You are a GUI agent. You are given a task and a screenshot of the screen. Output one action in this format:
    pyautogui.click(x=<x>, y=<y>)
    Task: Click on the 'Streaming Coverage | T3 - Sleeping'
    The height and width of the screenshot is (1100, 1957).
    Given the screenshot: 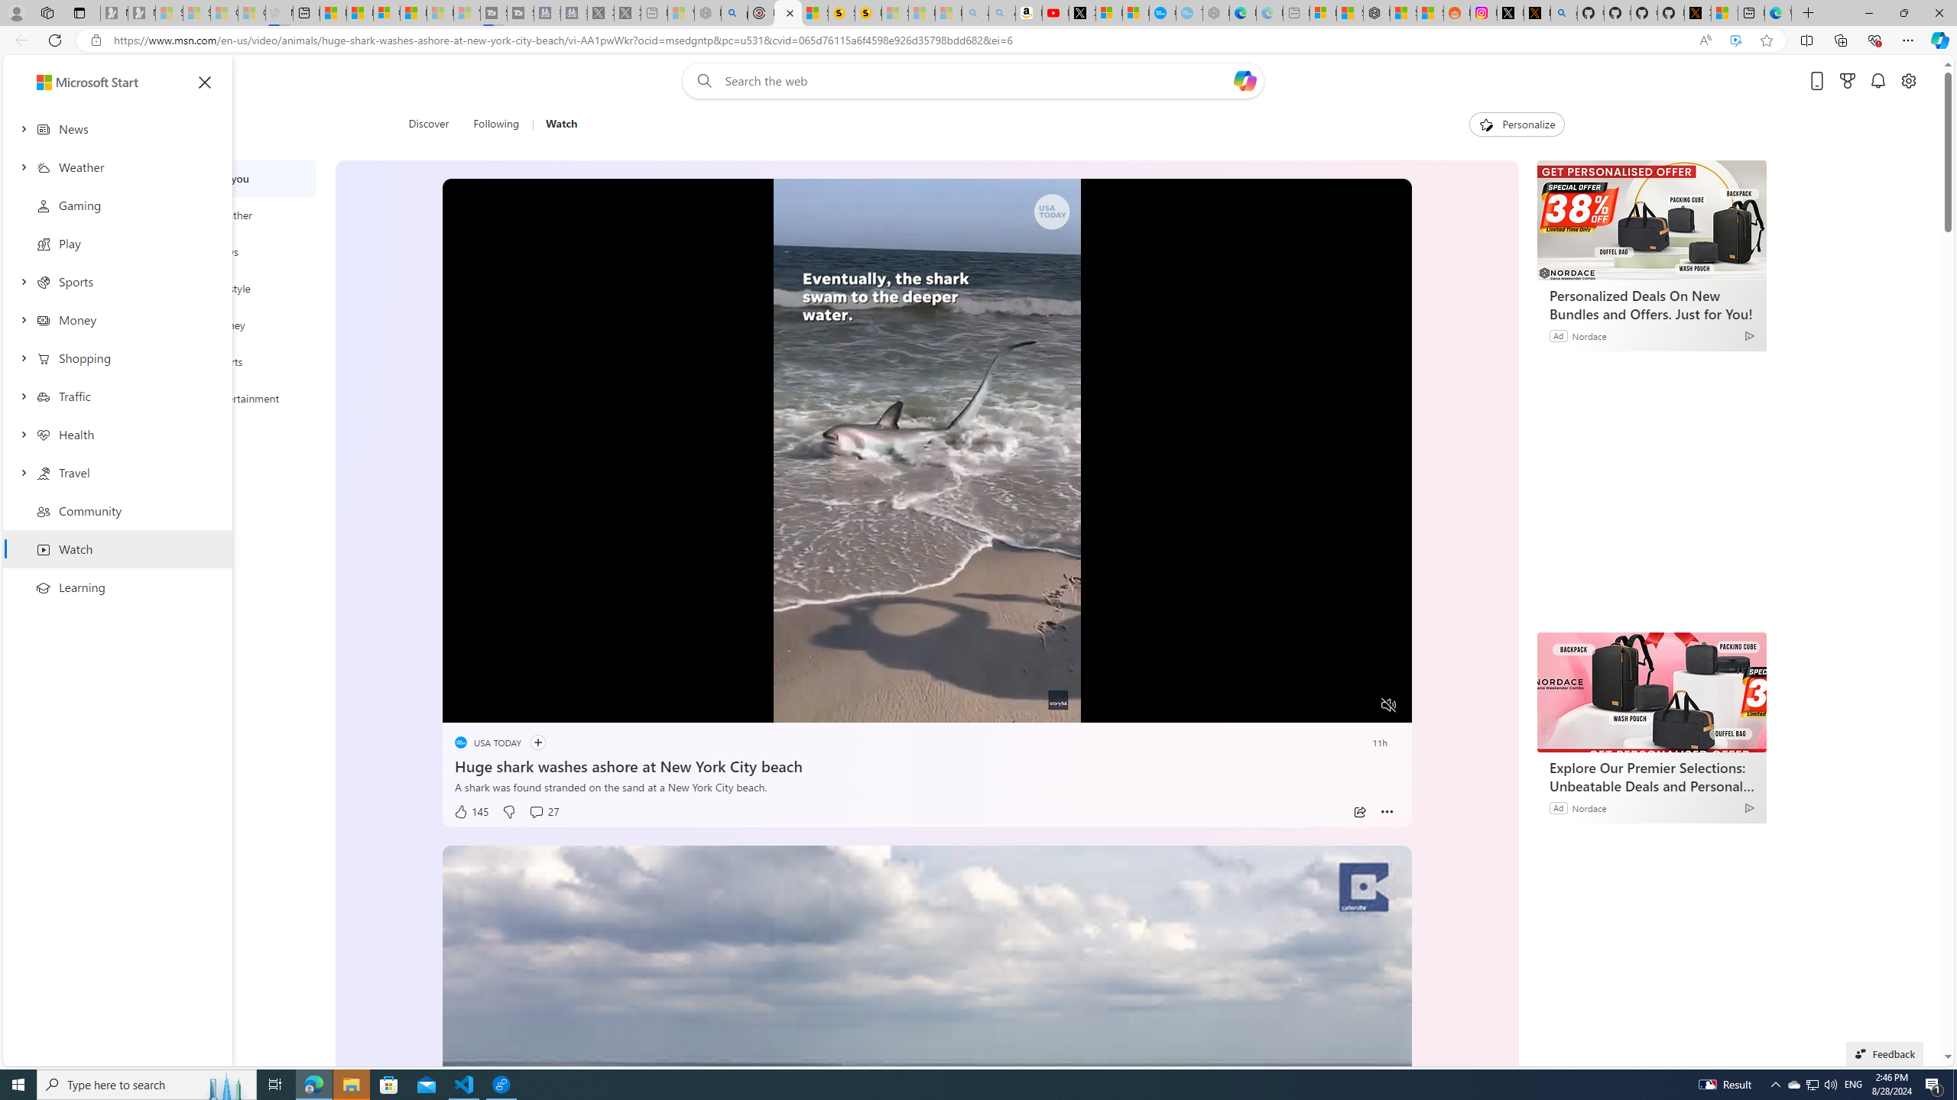 What is the action you would take?
    pyautogui.click(x=492, y=12)
    